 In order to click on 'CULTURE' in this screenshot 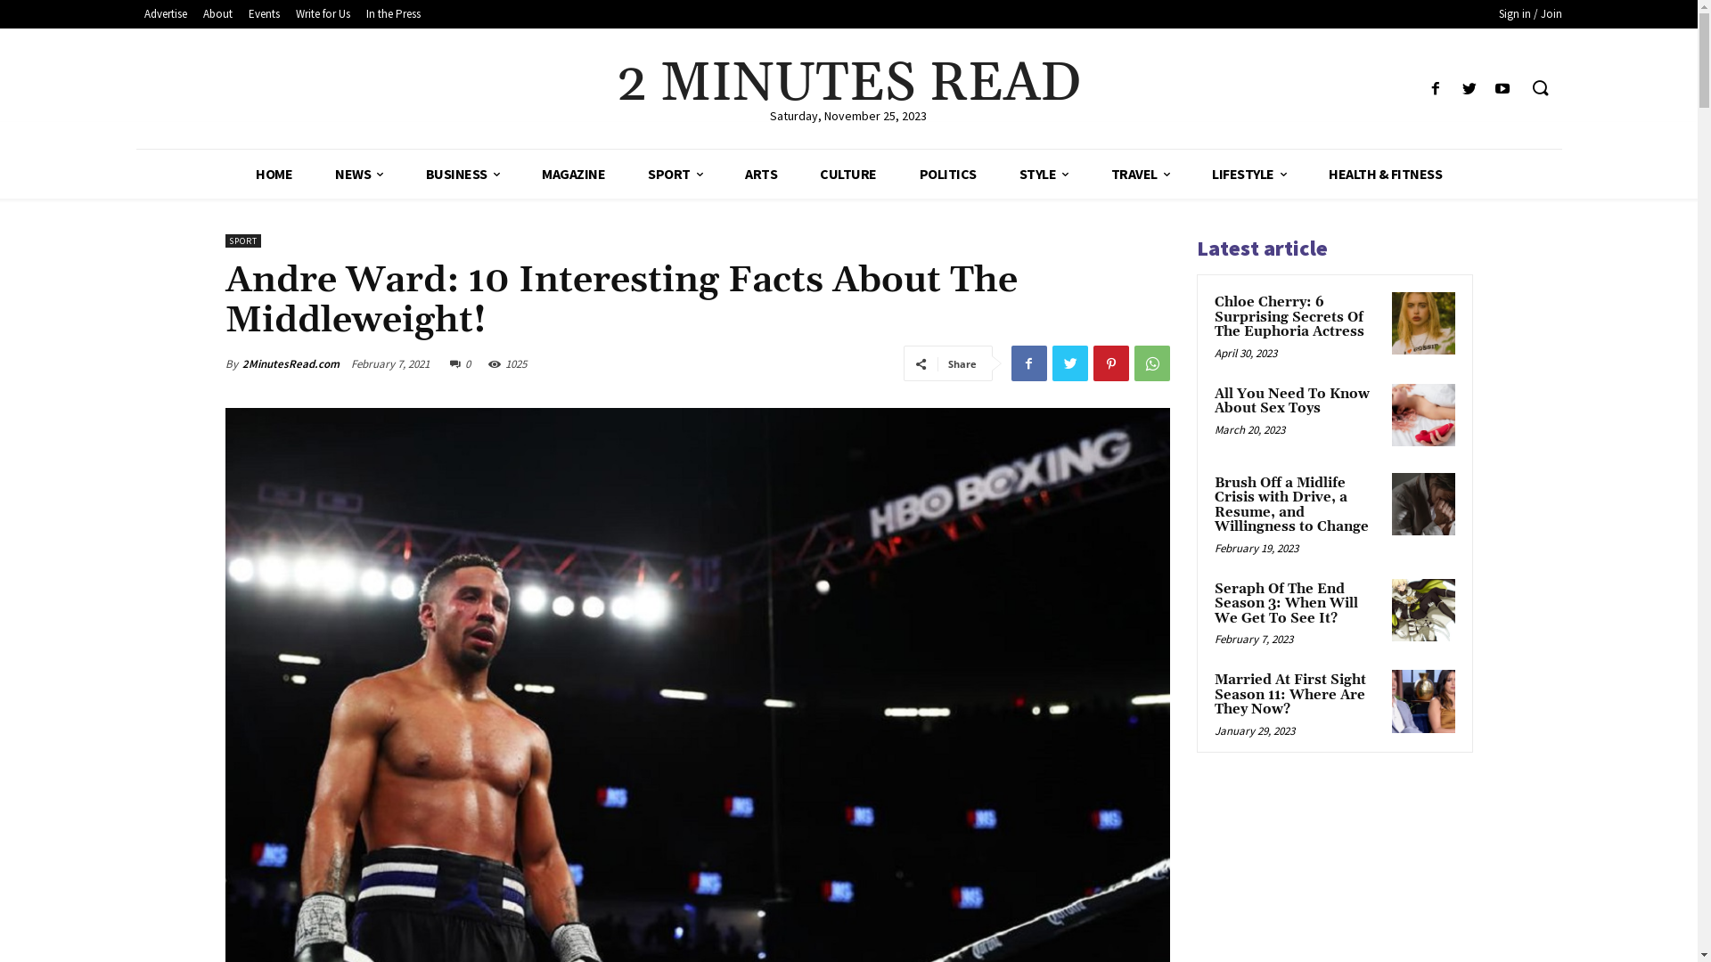, I will do `click(847, 174)`.